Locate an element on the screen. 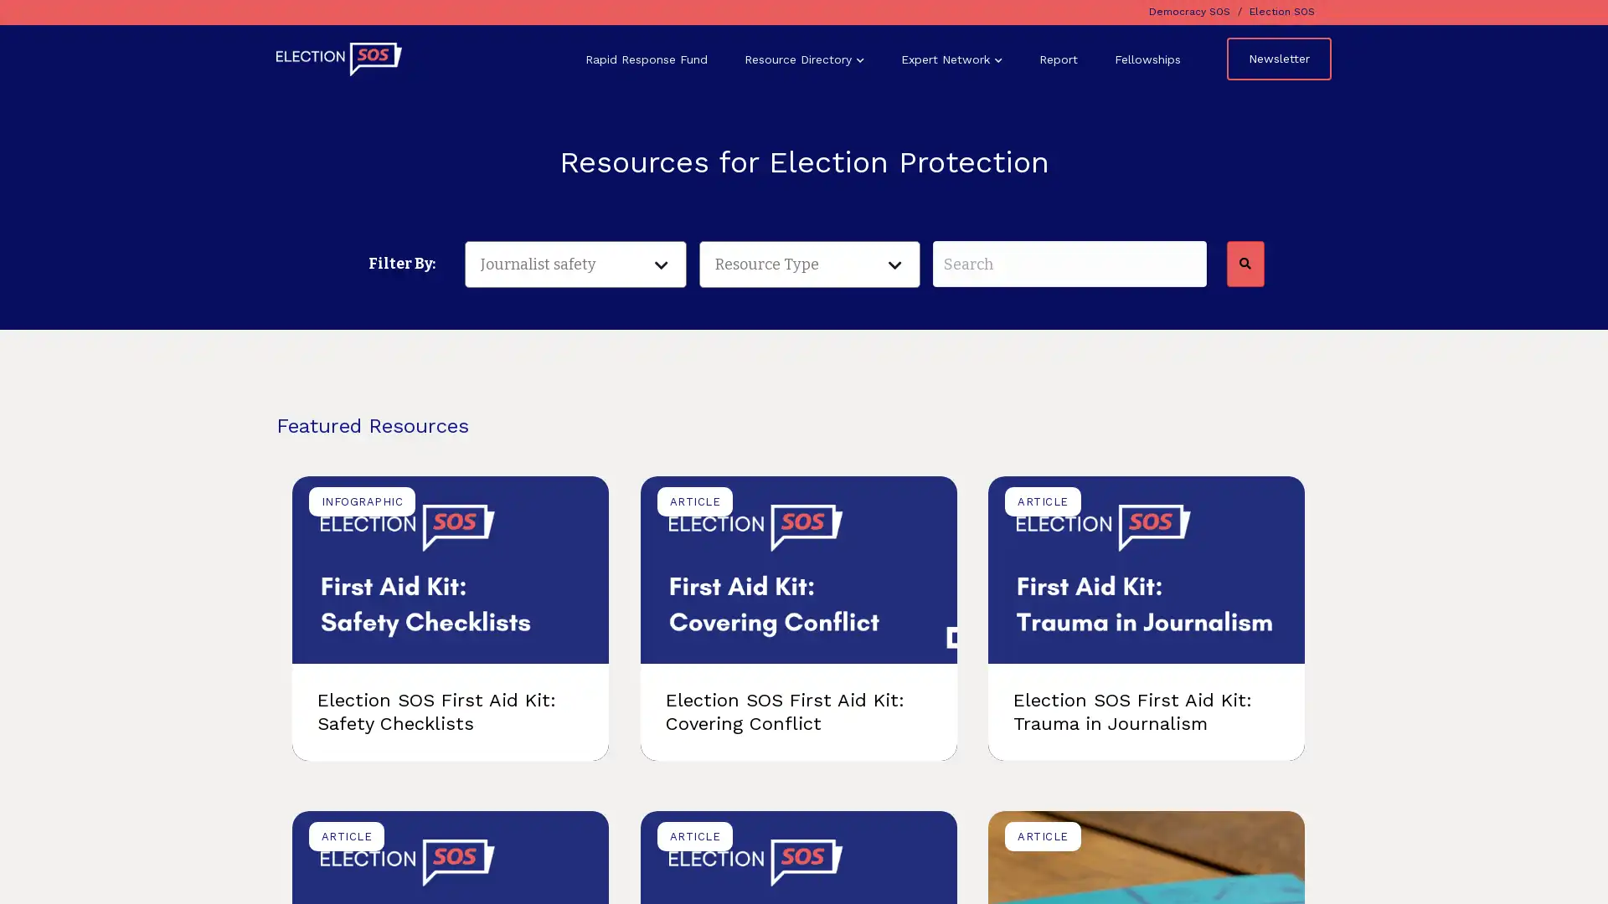 This screenshot has width=1608, height=904. Submit search is located at coordinates (1245, 264).